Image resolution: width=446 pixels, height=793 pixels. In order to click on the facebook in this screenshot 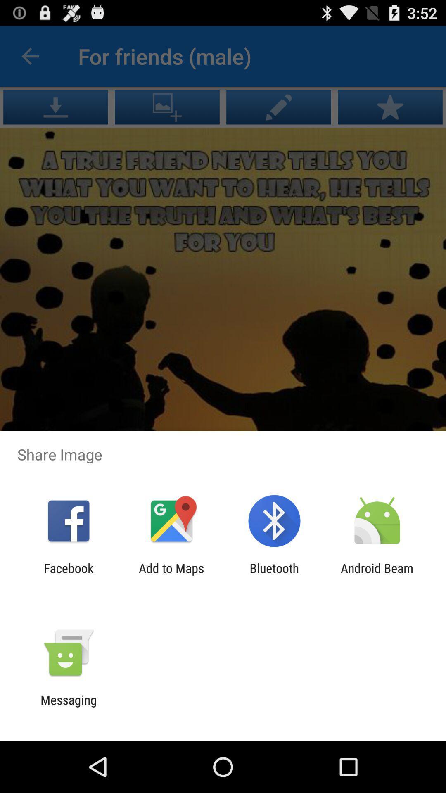, I will do `click(68, 575)`.